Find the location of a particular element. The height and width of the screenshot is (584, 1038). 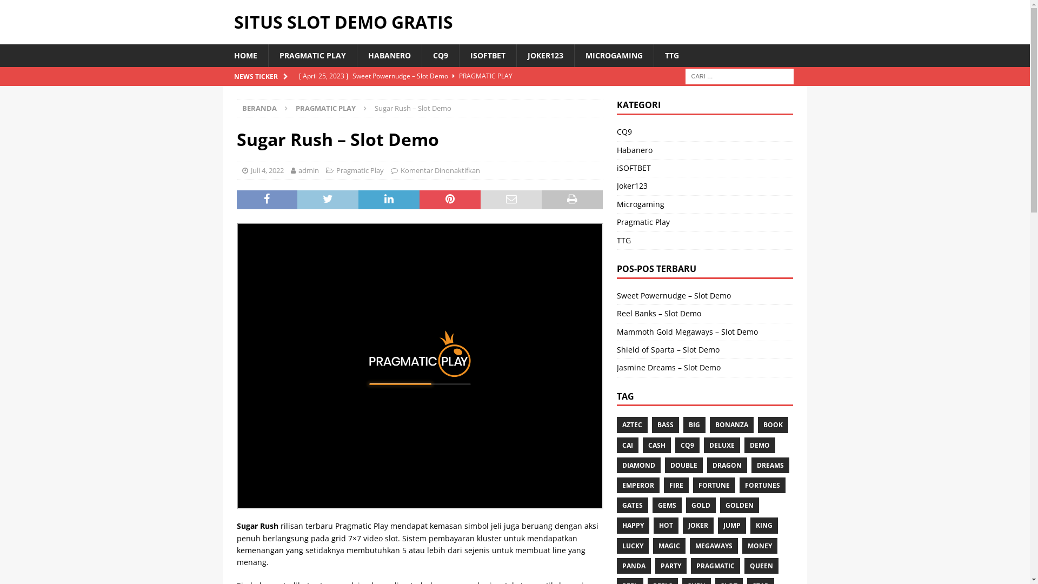

'HAPPY' is located at coordinates (633, 525).